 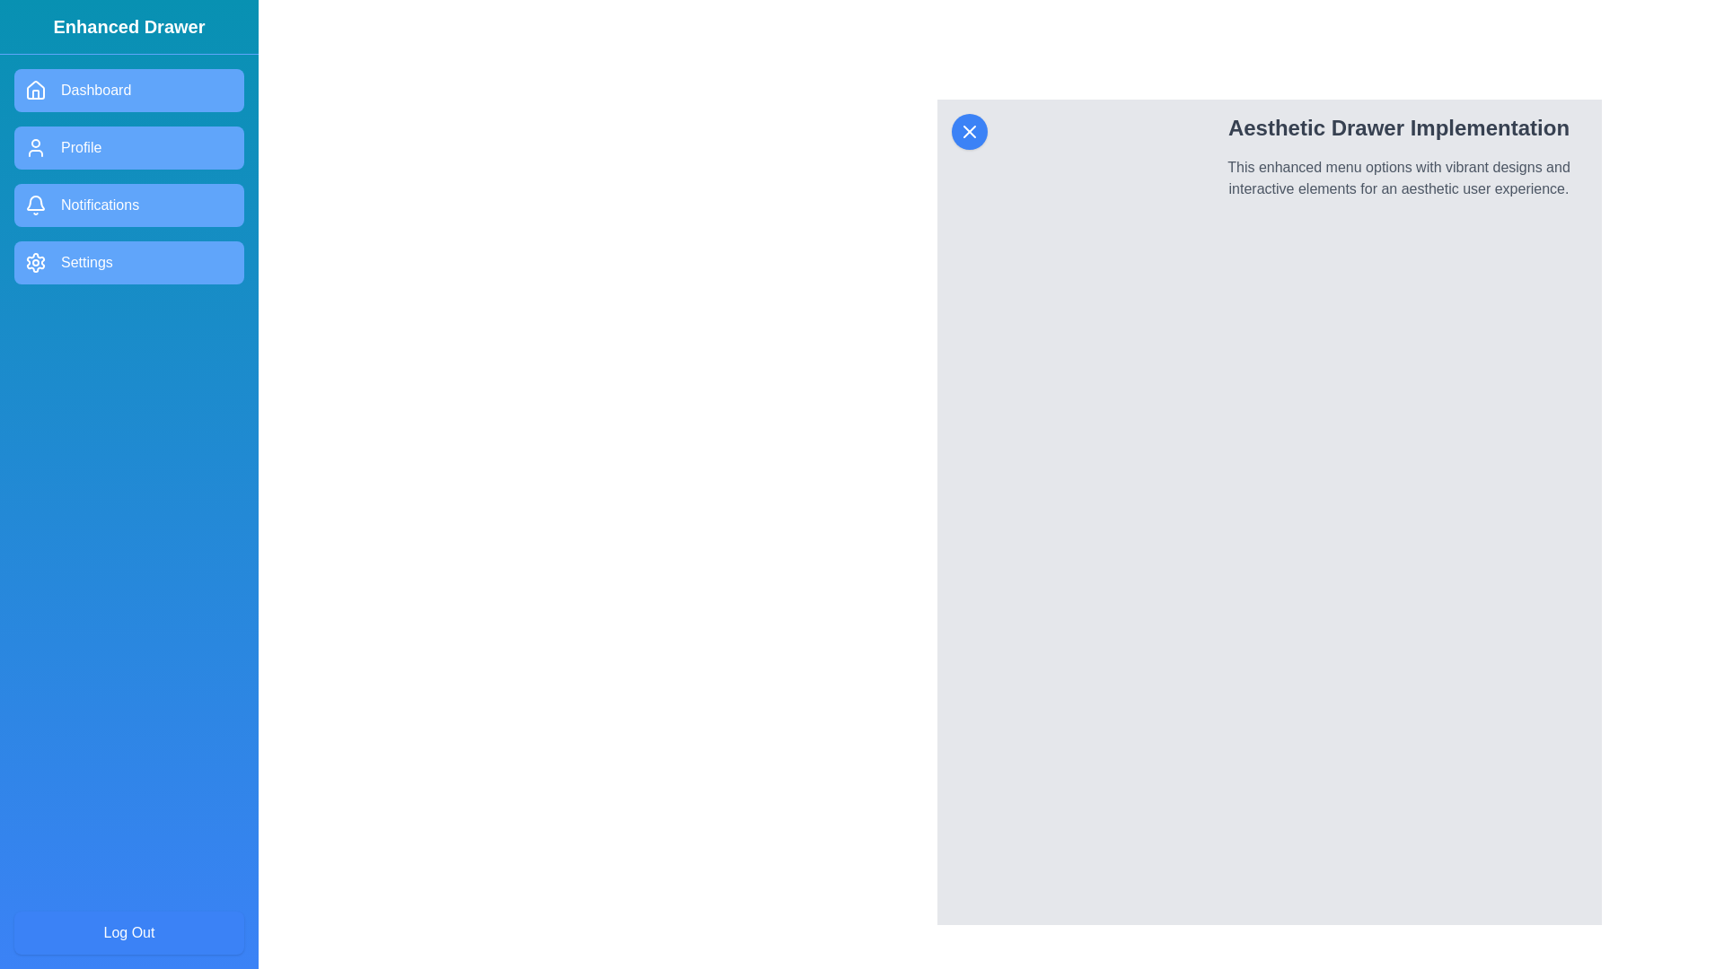 What do you see at coordinates (128, 263) in the screenshot?
I see `the 'Settings' button, which is a rectangular button with rounded corners and a blue background, located below the 'Notifications' button in the sidebar` at bounding box center [128, 263].